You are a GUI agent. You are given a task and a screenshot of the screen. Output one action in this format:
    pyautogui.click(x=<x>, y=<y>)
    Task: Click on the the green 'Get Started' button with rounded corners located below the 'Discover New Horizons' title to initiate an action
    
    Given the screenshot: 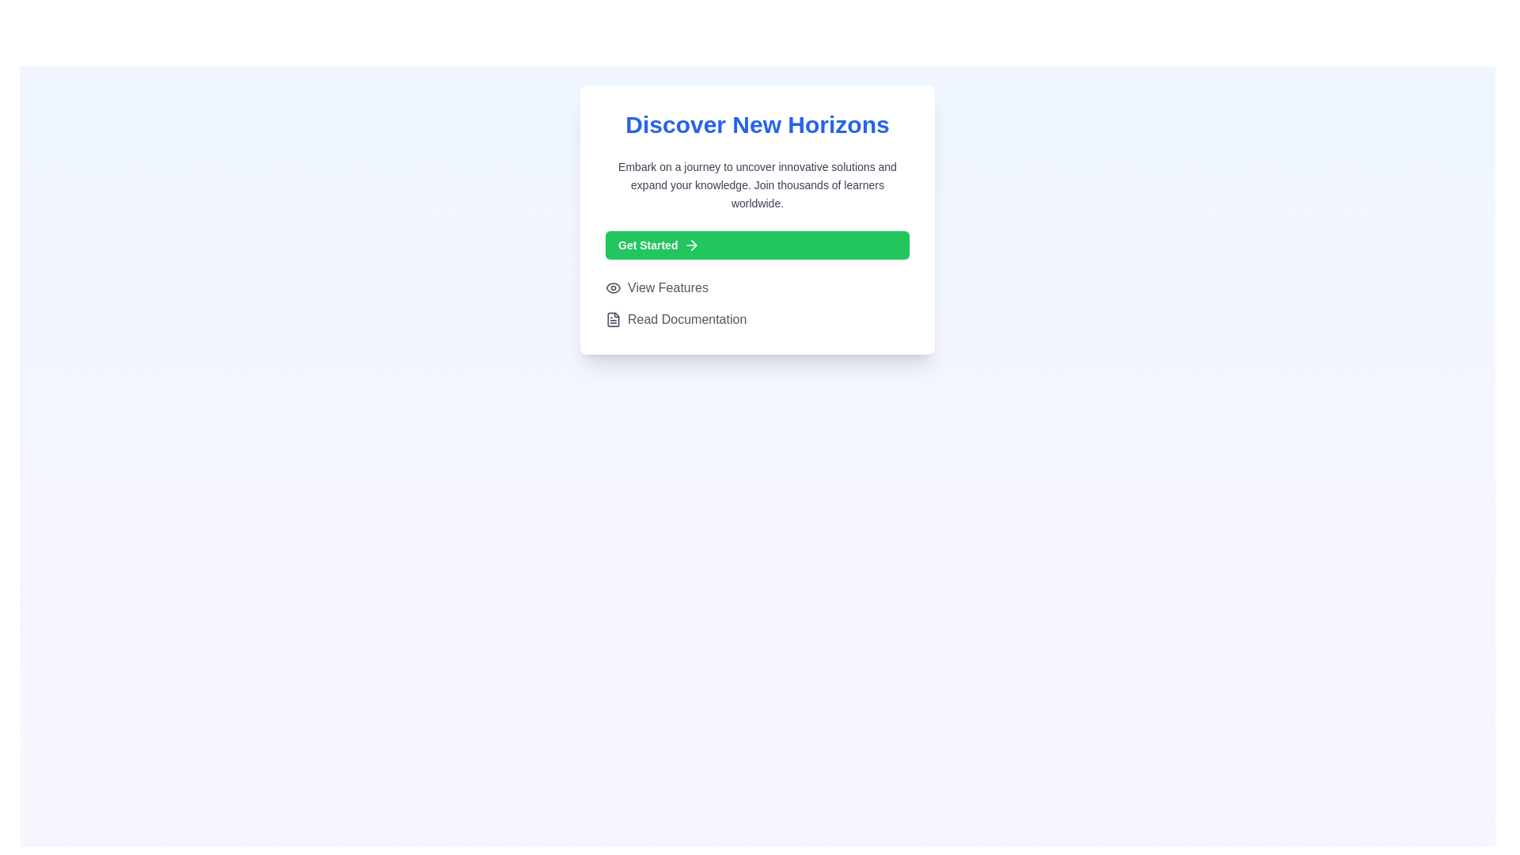 What is the action you would take?
    pyautogui.click(x=756, y=245)
    